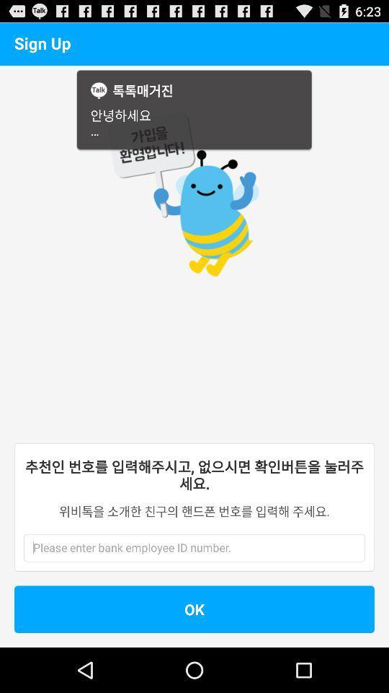  What do you see at coordinates (179, 547) in the screenshot?
I see `employee id entry area` at bounding box center [179, 547].